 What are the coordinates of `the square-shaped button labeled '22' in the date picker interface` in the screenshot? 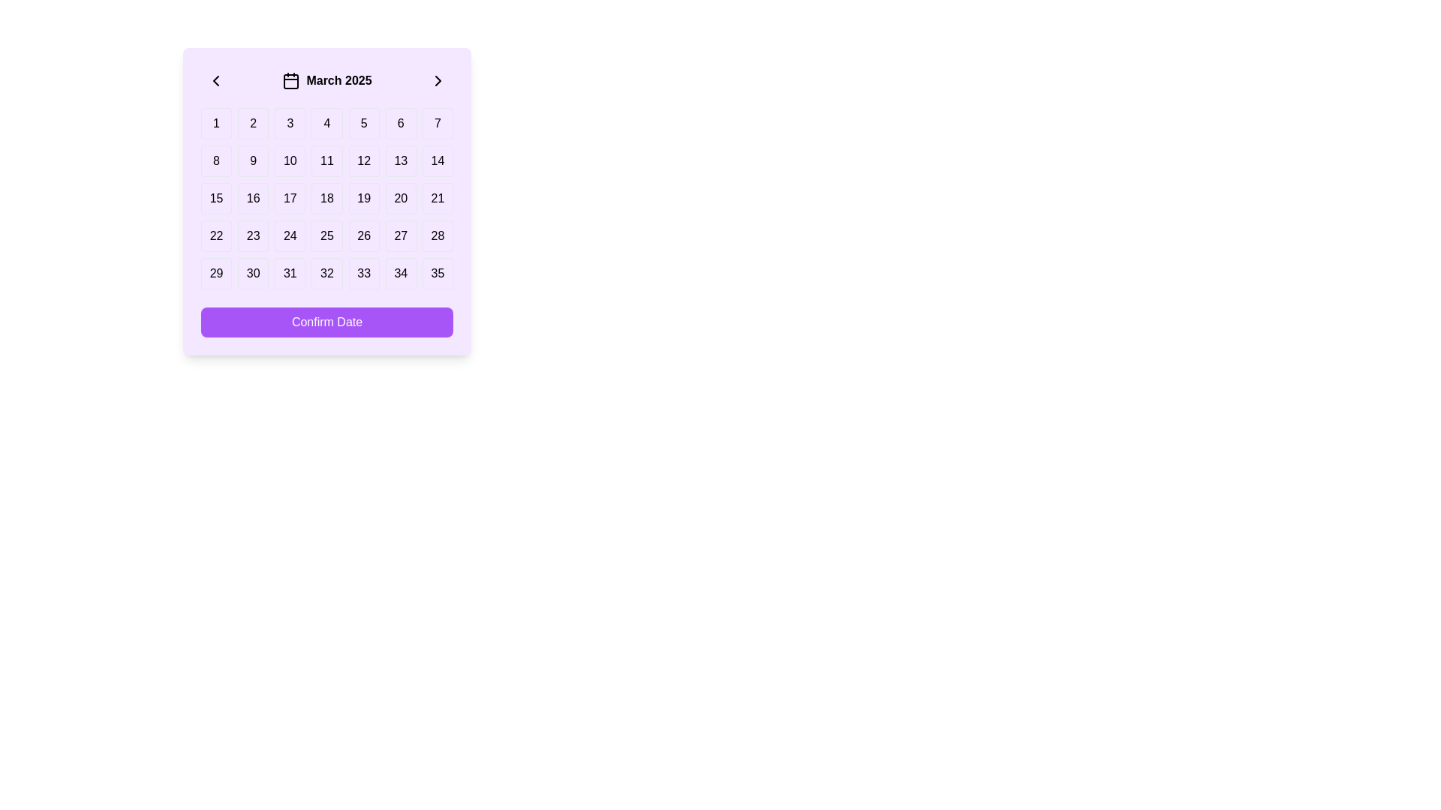 It's located at (215, 236).